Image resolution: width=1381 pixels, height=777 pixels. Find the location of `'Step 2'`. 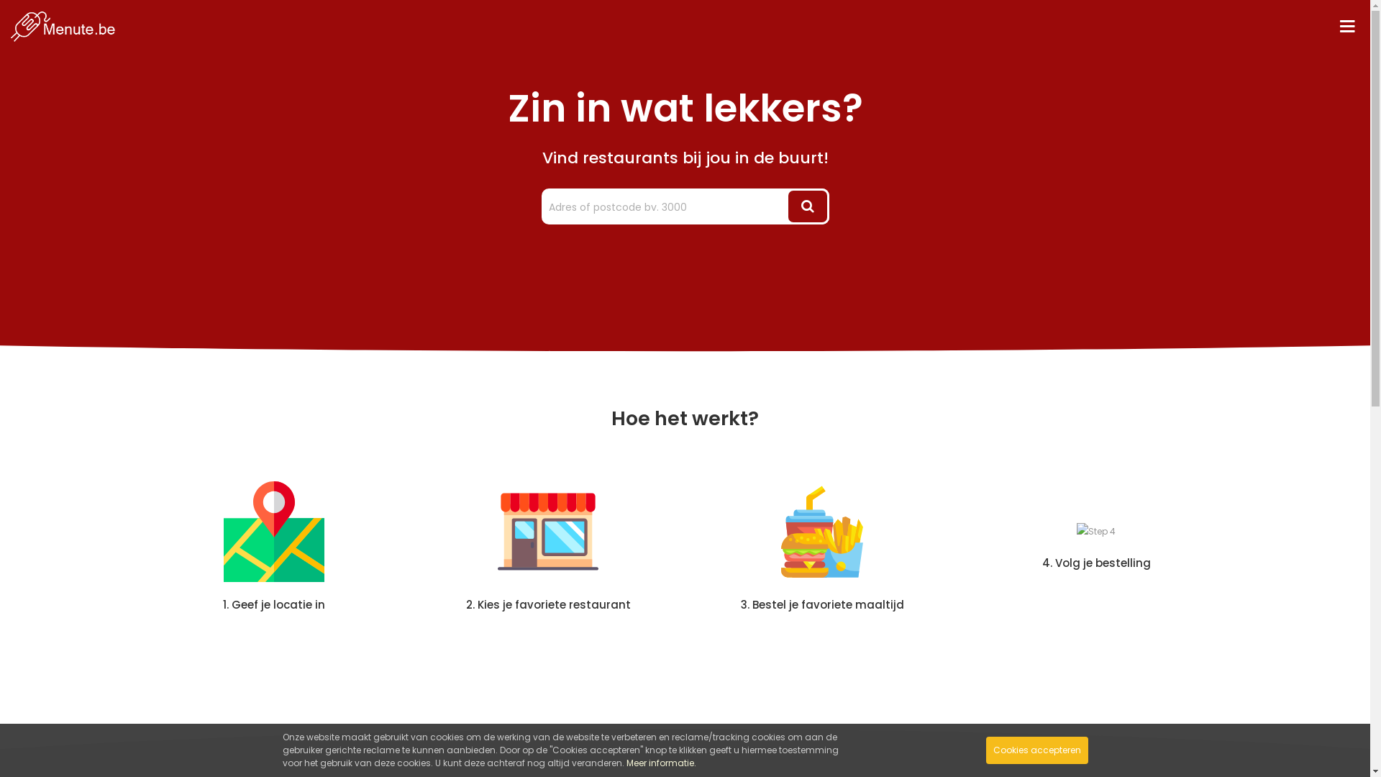

'Step 2' is located at coordinates (497, 532).